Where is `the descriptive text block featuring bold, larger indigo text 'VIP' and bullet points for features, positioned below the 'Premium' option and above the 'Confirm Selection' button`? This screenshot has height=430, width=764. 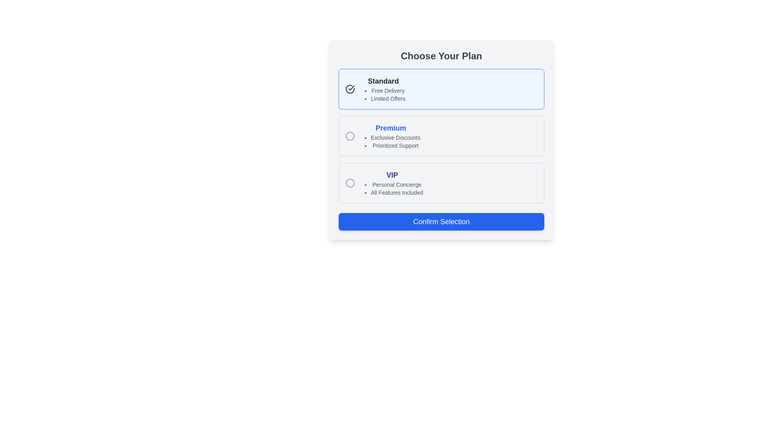 the descriptive text block featuring bold, larger indigo text 'VIP' and bullet points for features, positioned below the 'Premium' option and above the 'Confirm Selection' button is located at coordinates (392, 183).